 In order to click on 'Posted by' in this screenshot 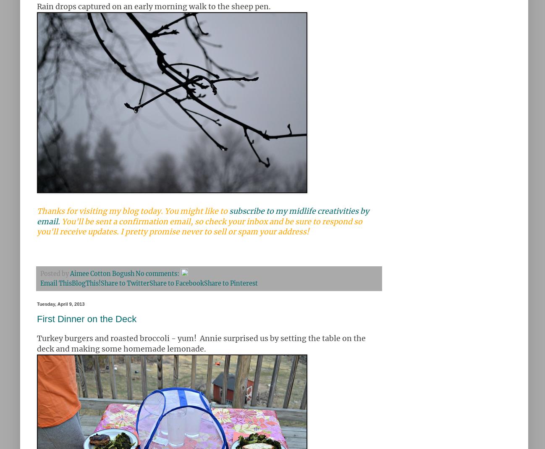, I will do `click(55, 273)`.